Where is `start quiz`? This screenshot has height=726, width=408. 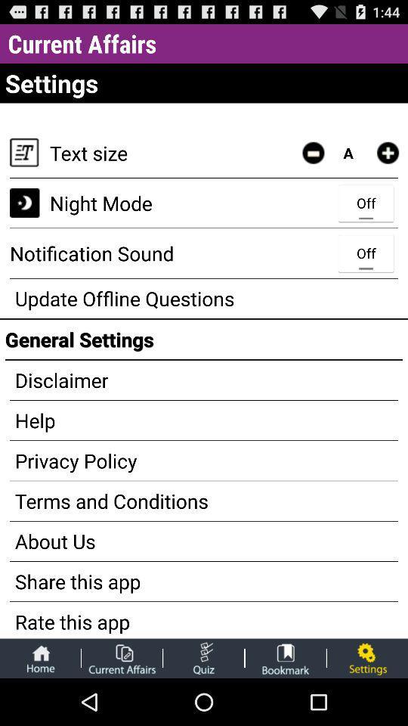
start quiz is located at coordinates (203, 657).